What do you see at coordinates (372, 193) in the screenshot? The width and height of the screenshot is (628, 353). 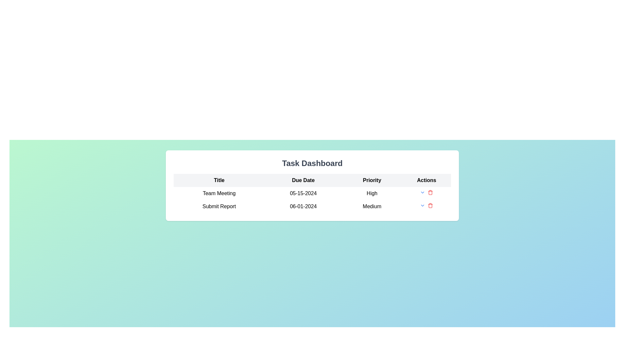 I see `text label indicating the priority level of the 'Team Meeting' task, which shows 'High'` at bounding box center [372, 193].